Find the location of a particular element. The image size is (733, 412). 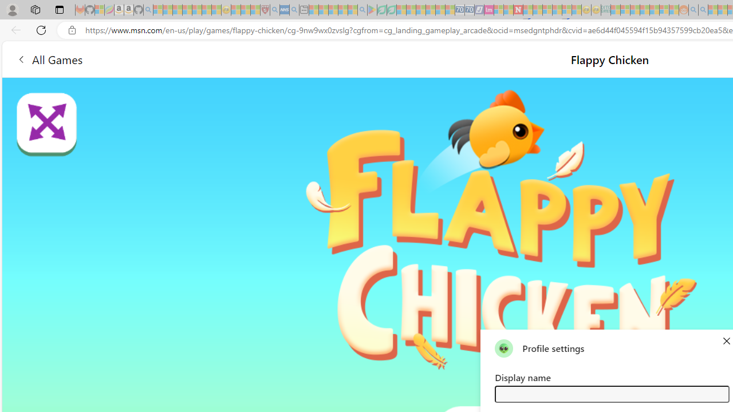

'Kinda Frugal - MSN - Sleeping' is located at coordinates (655, 10).